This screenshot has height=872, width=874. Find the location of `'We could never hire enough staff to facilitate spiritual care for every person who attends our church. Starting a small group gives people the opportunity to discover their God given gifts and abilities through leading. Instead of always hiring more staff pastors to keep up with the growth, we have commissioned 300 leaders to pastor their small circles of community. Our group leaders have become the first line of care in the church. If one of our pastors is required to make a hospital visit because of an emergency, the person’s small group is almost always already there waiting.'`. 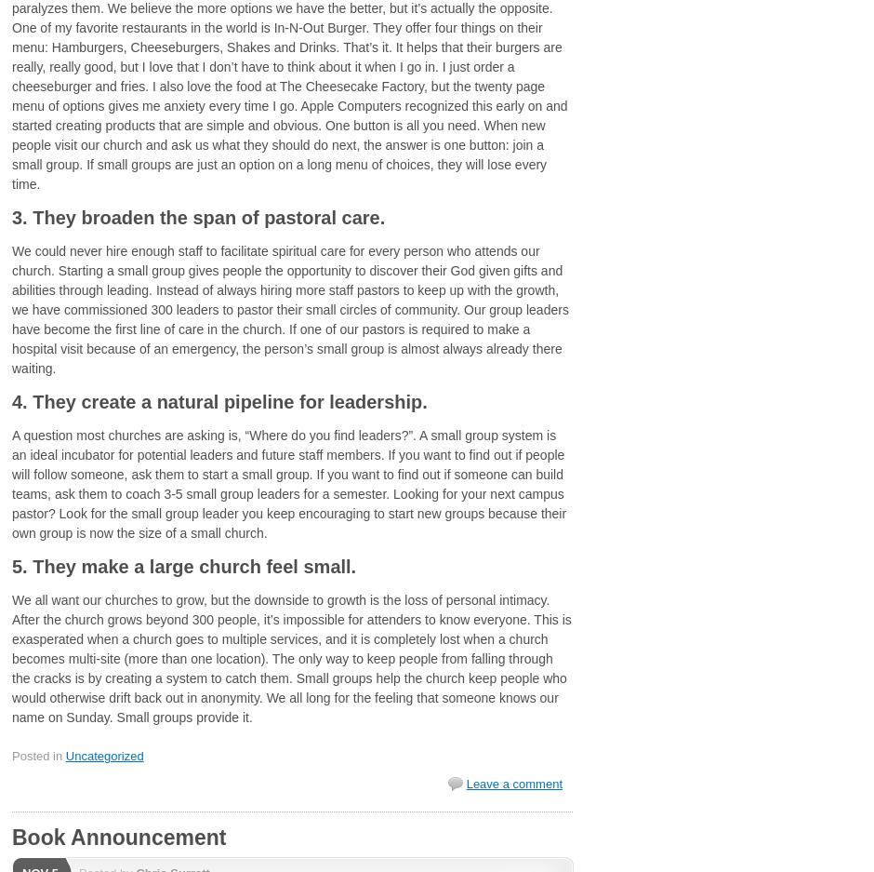

'We could never hire enough staff to facilitate spiritual care for every person who attends our church. Starting a small group gives people the opportunity to discover their God given gifts and abilities through leading. Instead of always hiring more staff pastors to keep up with the growth, we have commissioned 300 leaders to pastor their small circles of community. Our group leaders have become the first line of care in the church. If one of our pastors is required to make a hospital visit because of an emergency, the person’s small group is almost always already there waiting.' is located at coordinates (288, 308).